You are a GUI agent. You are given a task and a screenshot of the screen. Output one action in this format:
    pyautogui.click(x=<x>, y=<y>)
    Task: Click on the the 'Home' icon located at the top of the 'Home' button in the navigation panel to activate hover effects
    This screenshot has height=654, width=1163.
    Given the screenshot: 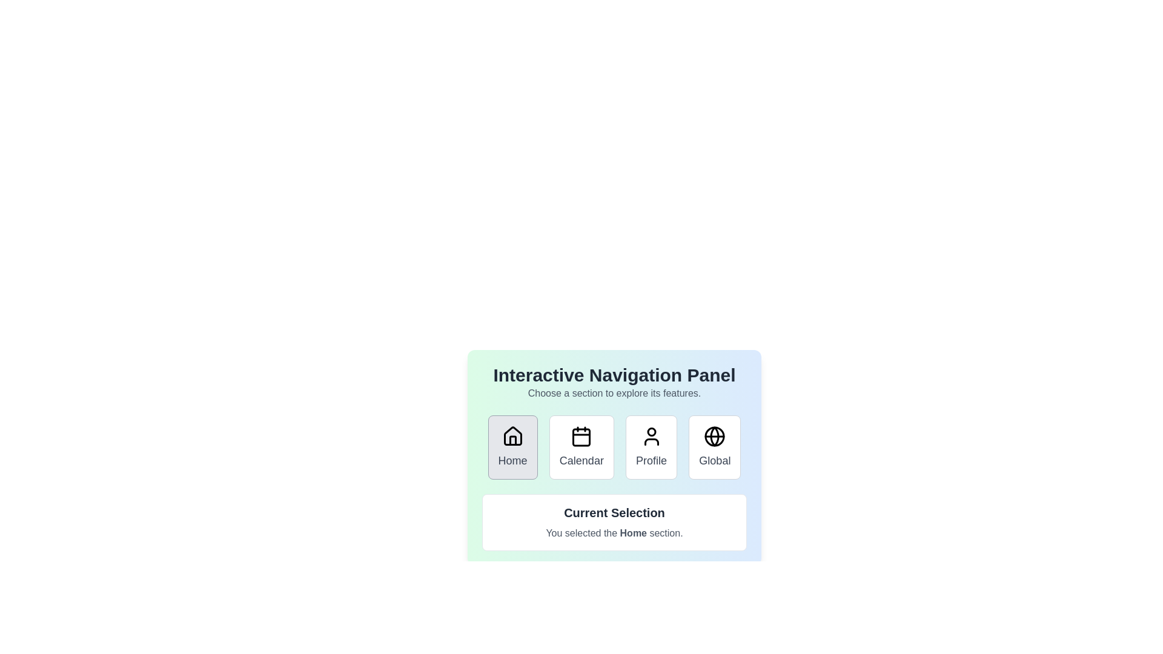 What is the action you would take?
    pyautogui.click(x=512, y=437)
    